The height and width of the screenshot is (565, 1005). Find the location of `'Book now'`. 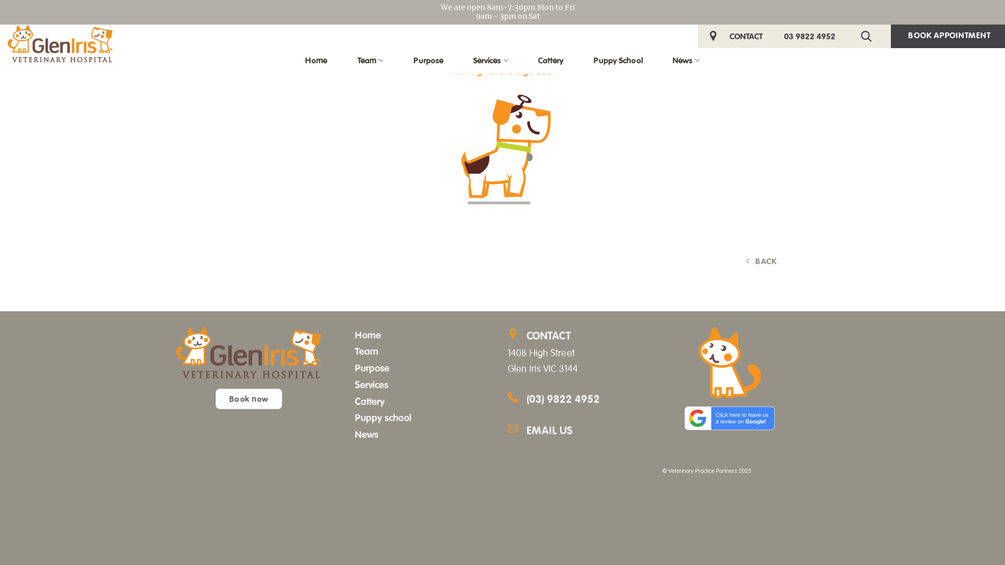

'Book now' is located at coordinates (215, 399).